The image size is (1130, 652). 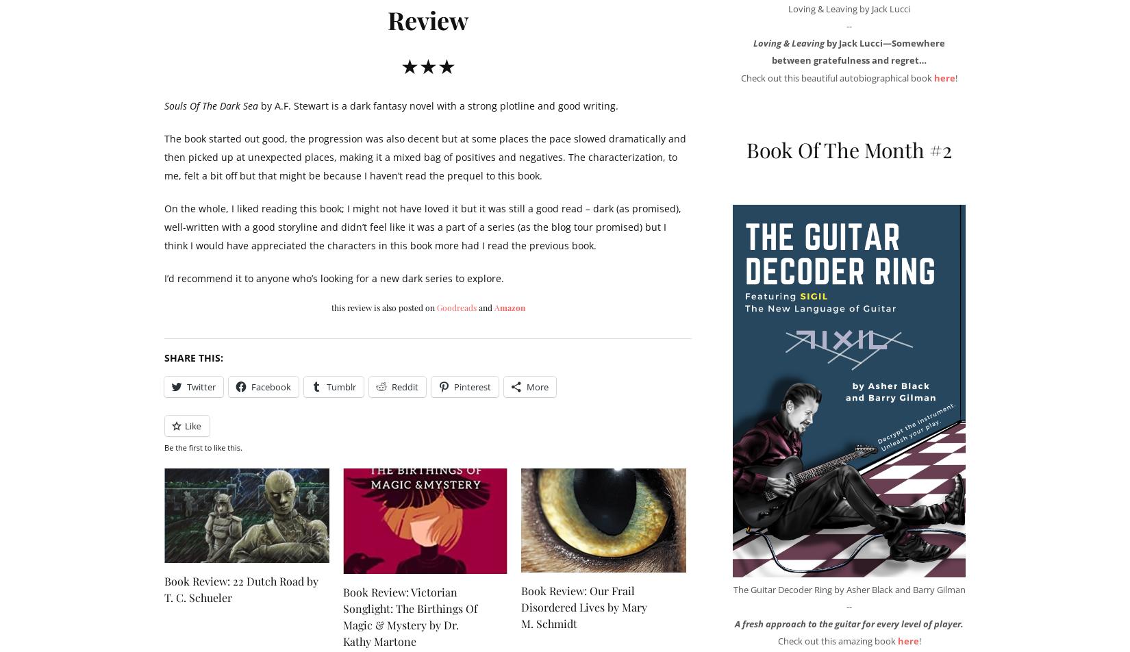 I want to click on 'Review', so click(x=427, y=18).